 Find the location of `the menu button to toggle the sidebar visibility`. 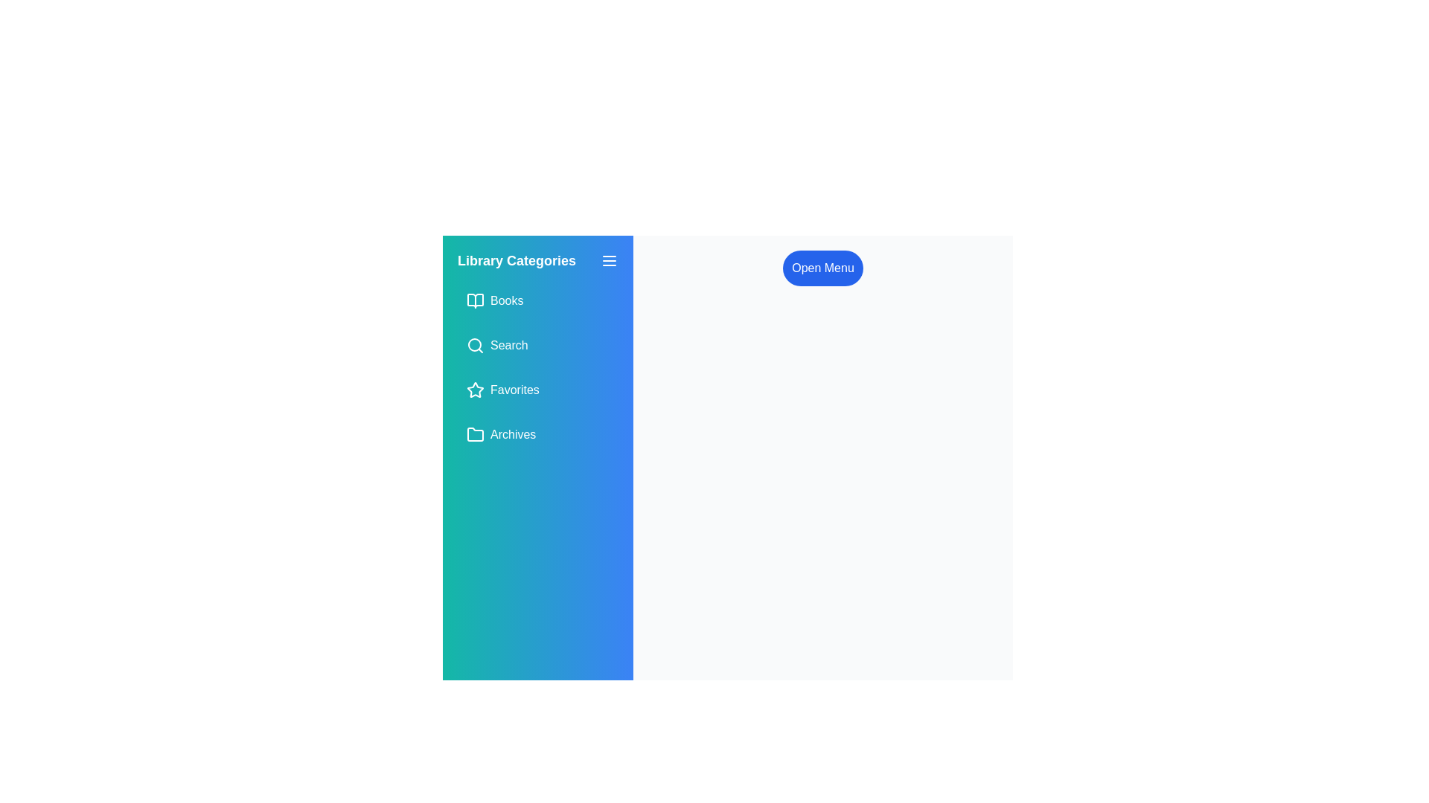

the menu button to toggle the sidebar visibility is located at coordinates (610, 260).